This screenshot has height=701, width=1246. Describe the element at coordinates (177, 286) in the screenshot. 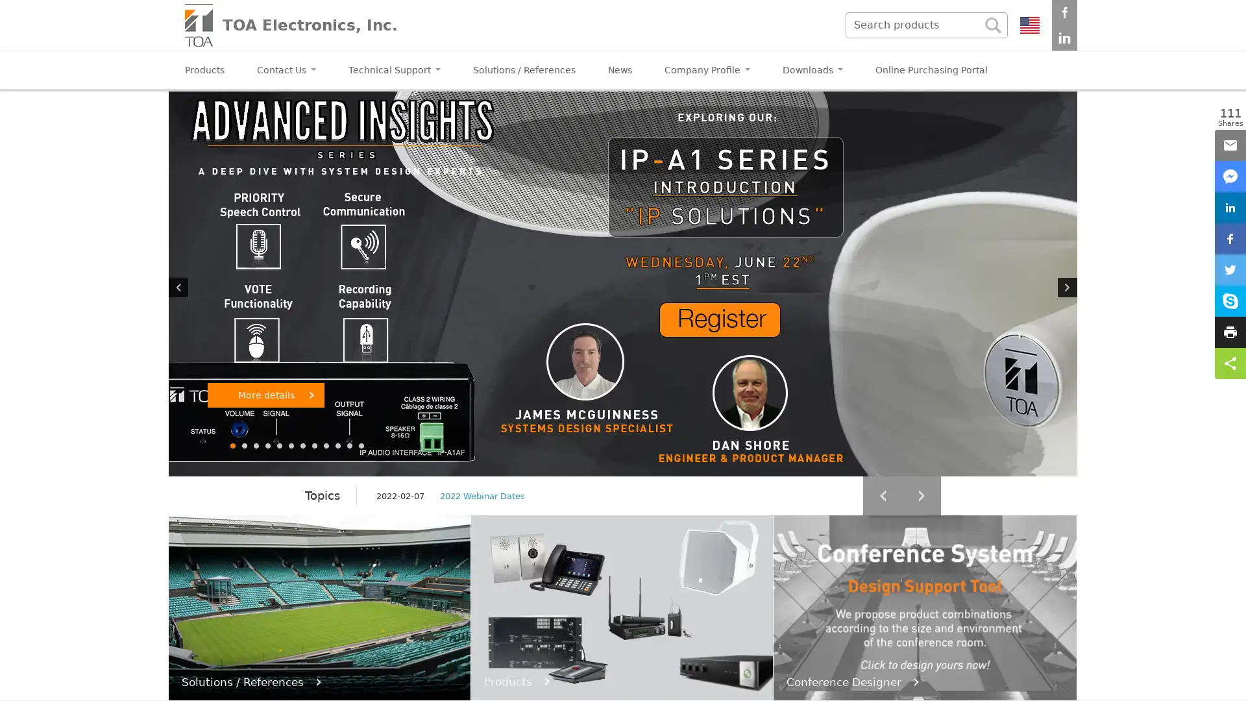

I see `Previous` at that location.